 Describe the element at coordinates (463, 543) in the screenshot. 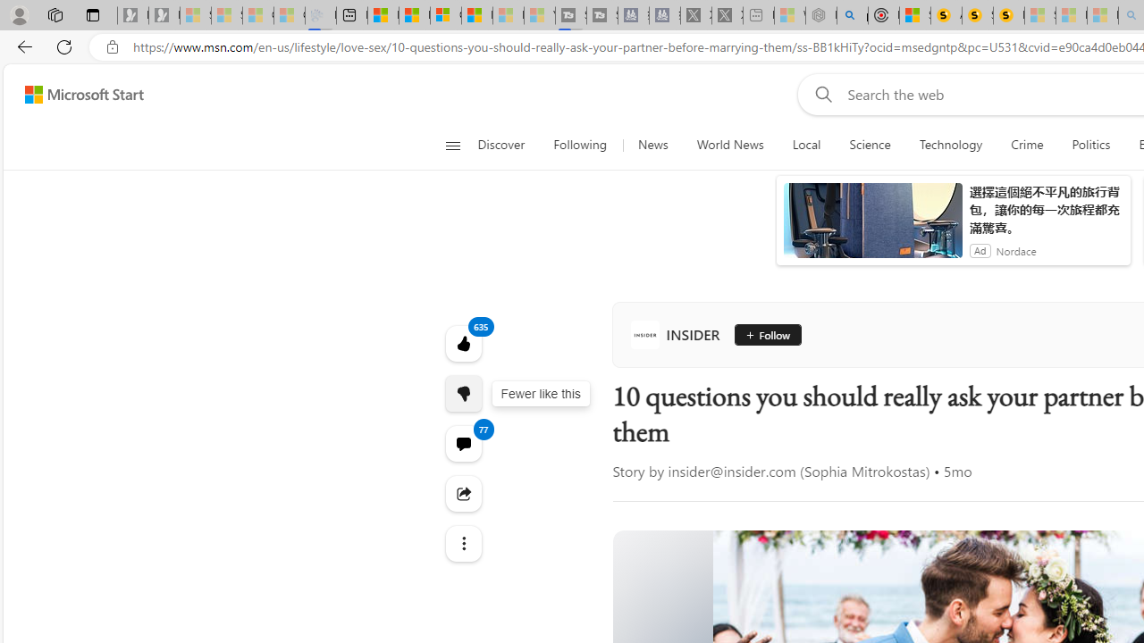

I see `'See more'` at that location.